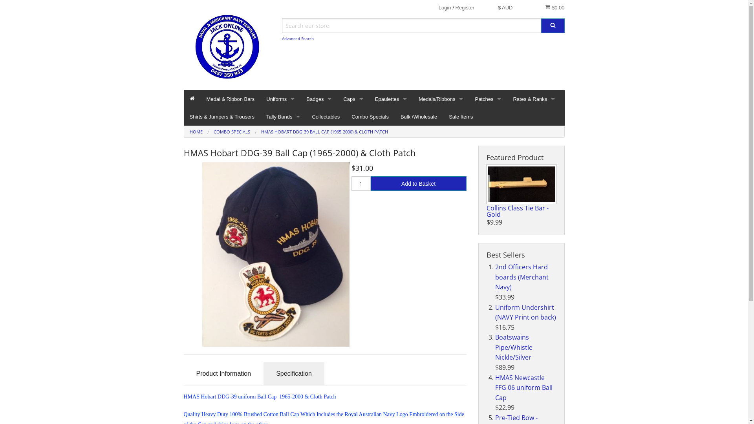  Describe the element at coordinates (352, 126) in the screenshot. I see `'Dress Caps'` at that location.